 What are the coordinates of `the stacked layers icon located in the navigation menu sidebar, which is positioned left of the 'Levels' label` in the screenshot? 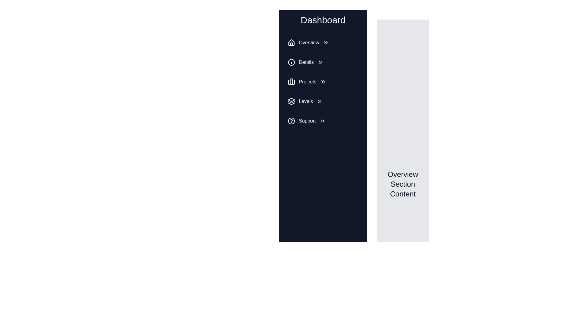 It's located at (291, 101).